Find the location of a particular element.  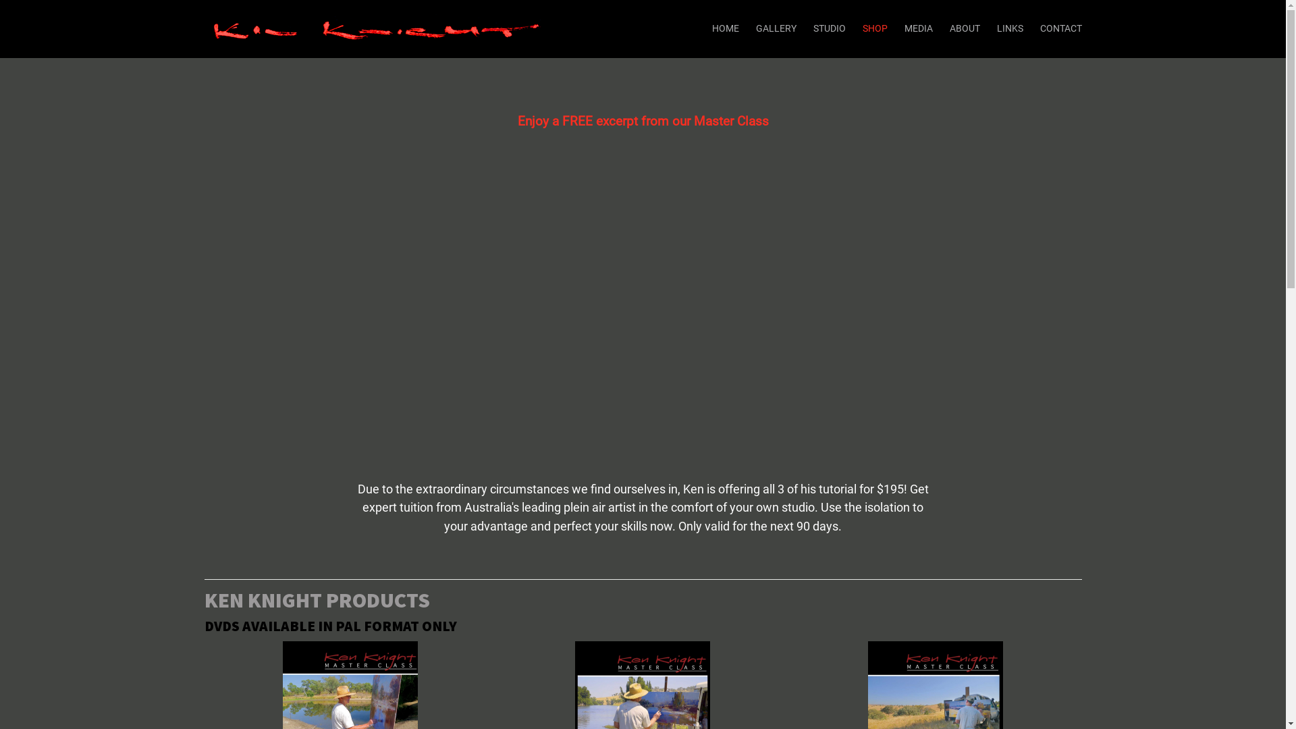

'Ken Knight Master Class - Waterhole Series' is located at coordinates (350, 707).